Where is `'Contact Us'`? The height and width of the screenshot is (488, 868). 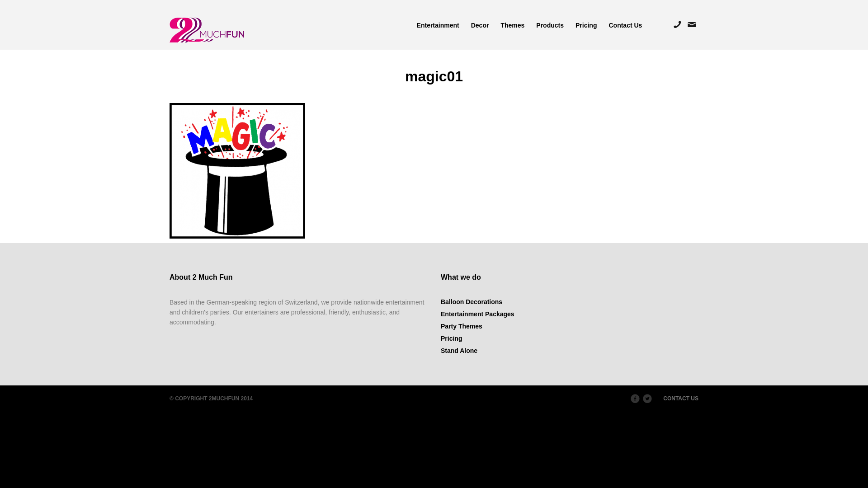 'Contact Us' is located at coordinates (622, 24).